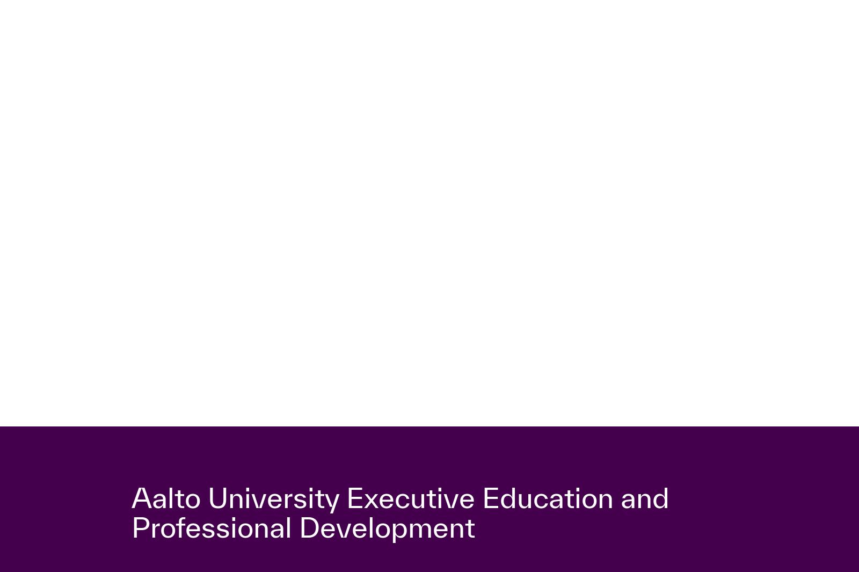 Image resolution: width=859 pixels, height=572 pixels. What do you see at coordinates (277, 448) in the screenshot?
I see `'I accept the marketing terms'` at bounding box center [277, 448].